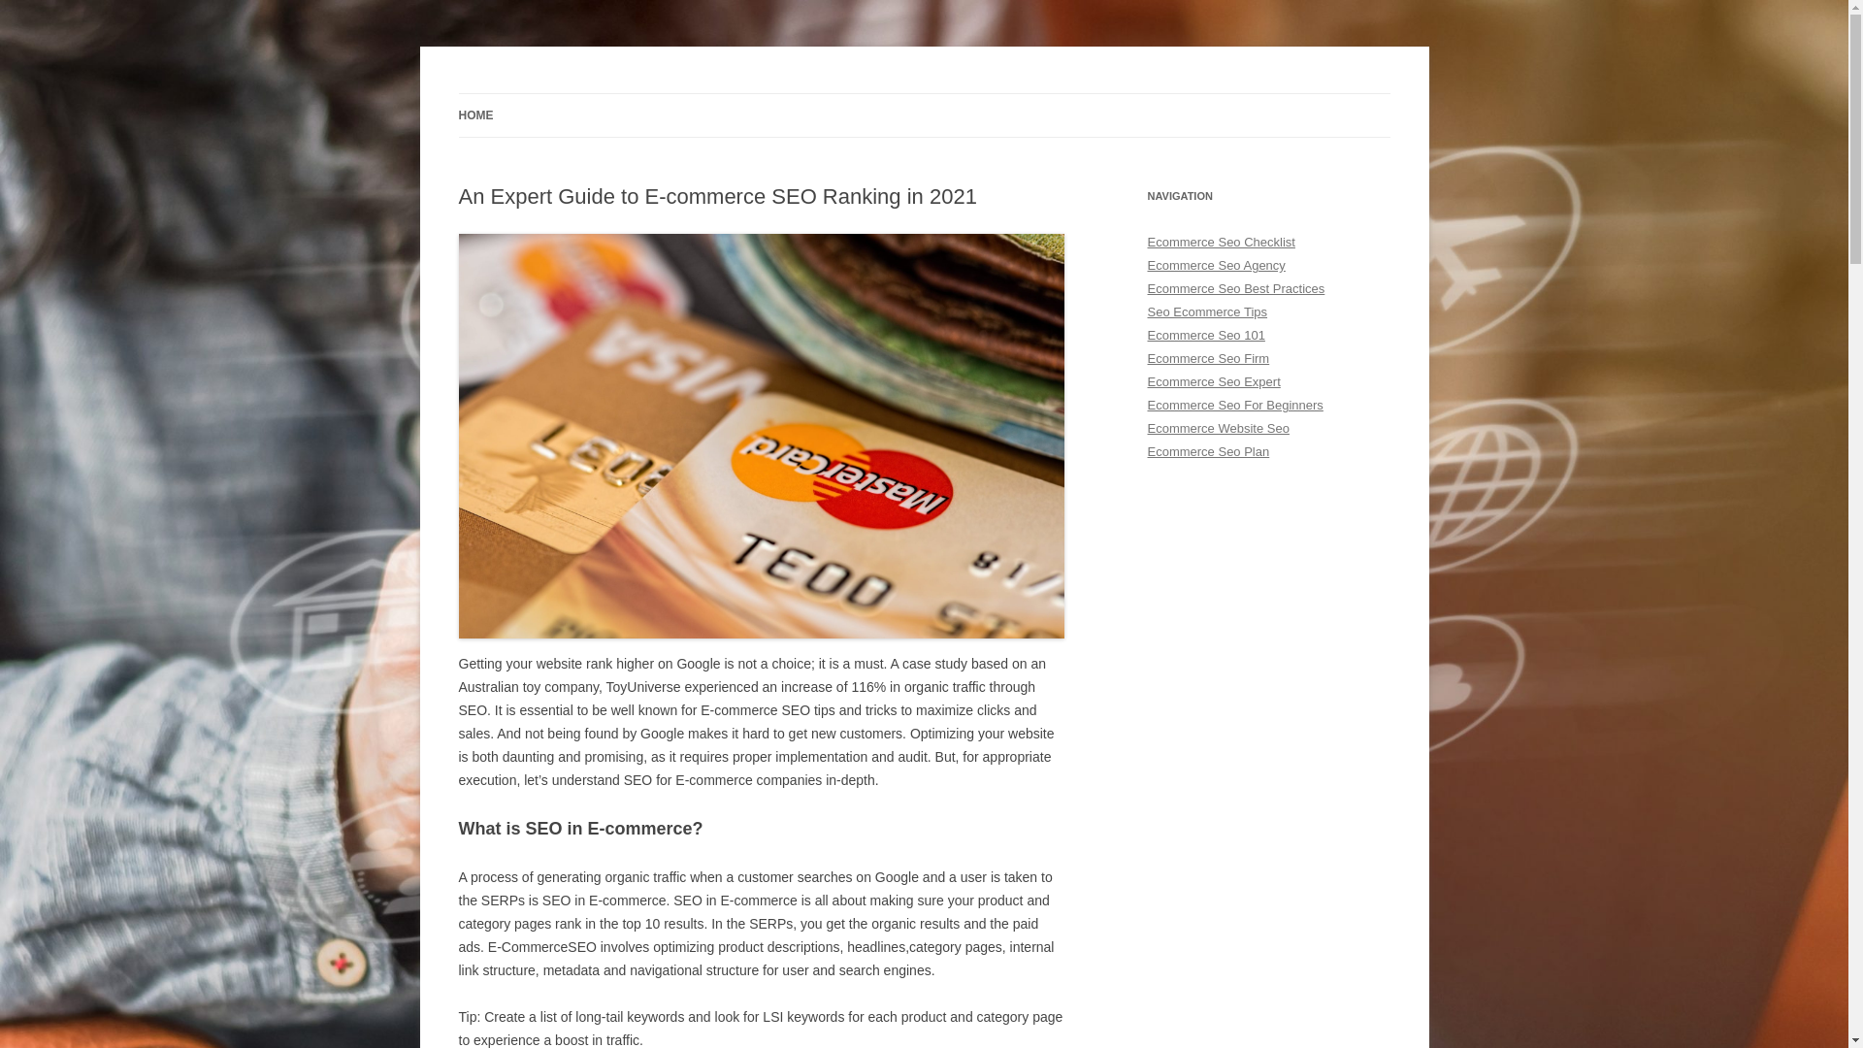 This screenshot has height=1048, width=1863. Describe the element at coordinates (1146, 311) in the screenshot. I see `'Seo Ecommerce Tips'` at that location.